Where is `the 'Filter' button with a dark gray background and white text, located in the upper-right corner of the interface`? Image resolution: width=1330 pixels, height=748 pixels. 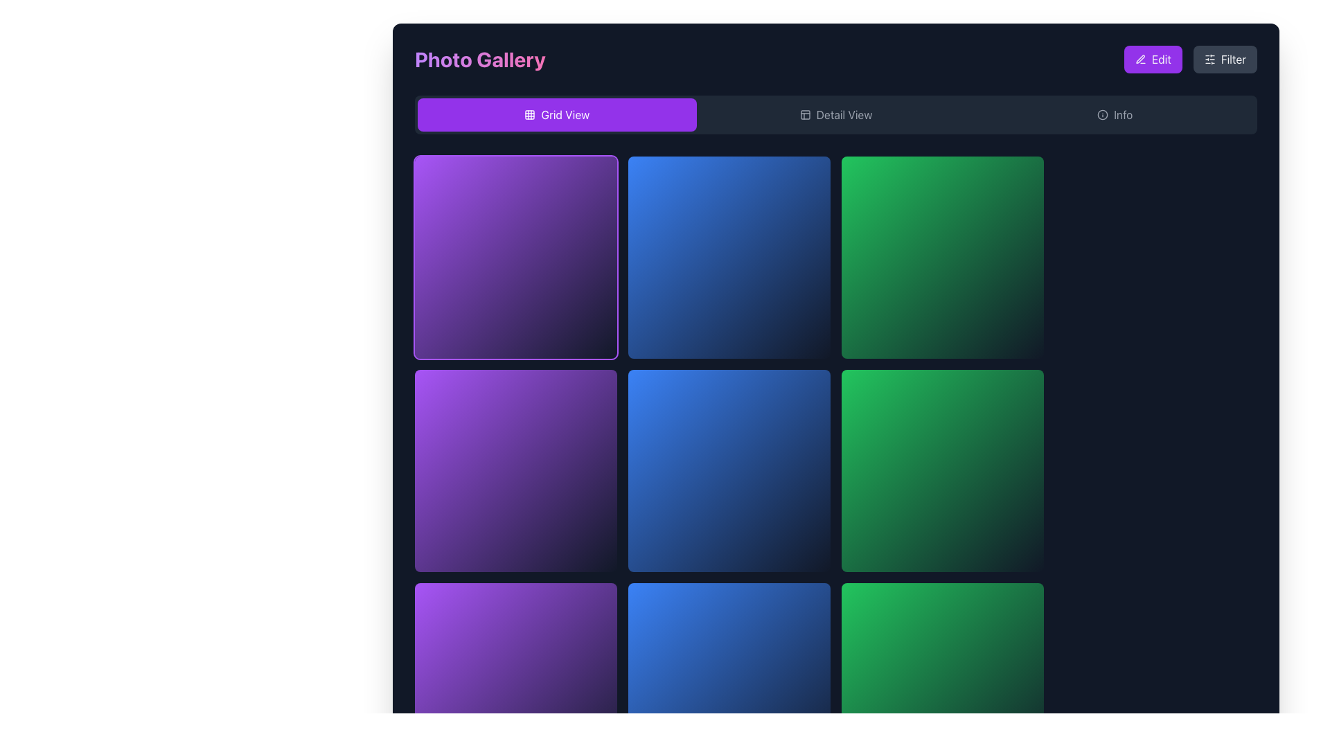
the 'Filter' button with a dark gray background and white text, located in the upper-right corner of the interface is located at coordinates (1189, 58).